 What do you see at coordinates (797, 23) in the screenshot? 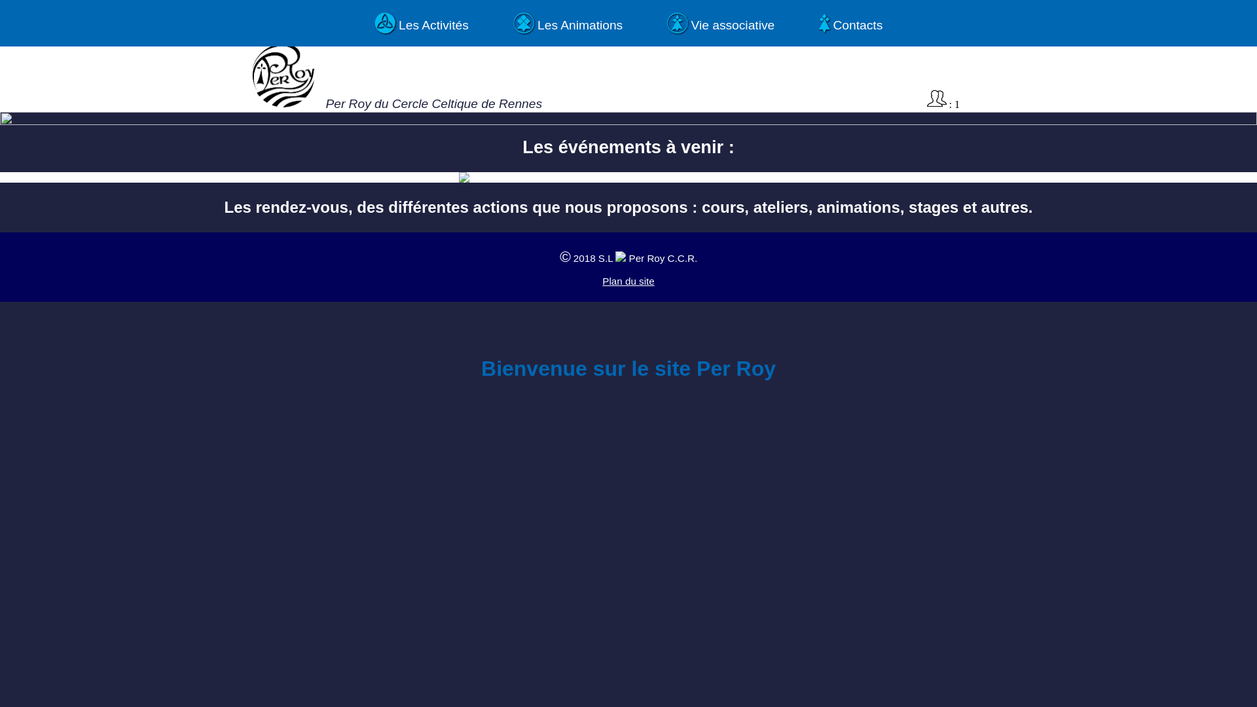
I see `'! Contacts'` at bounding box center [797, 23].